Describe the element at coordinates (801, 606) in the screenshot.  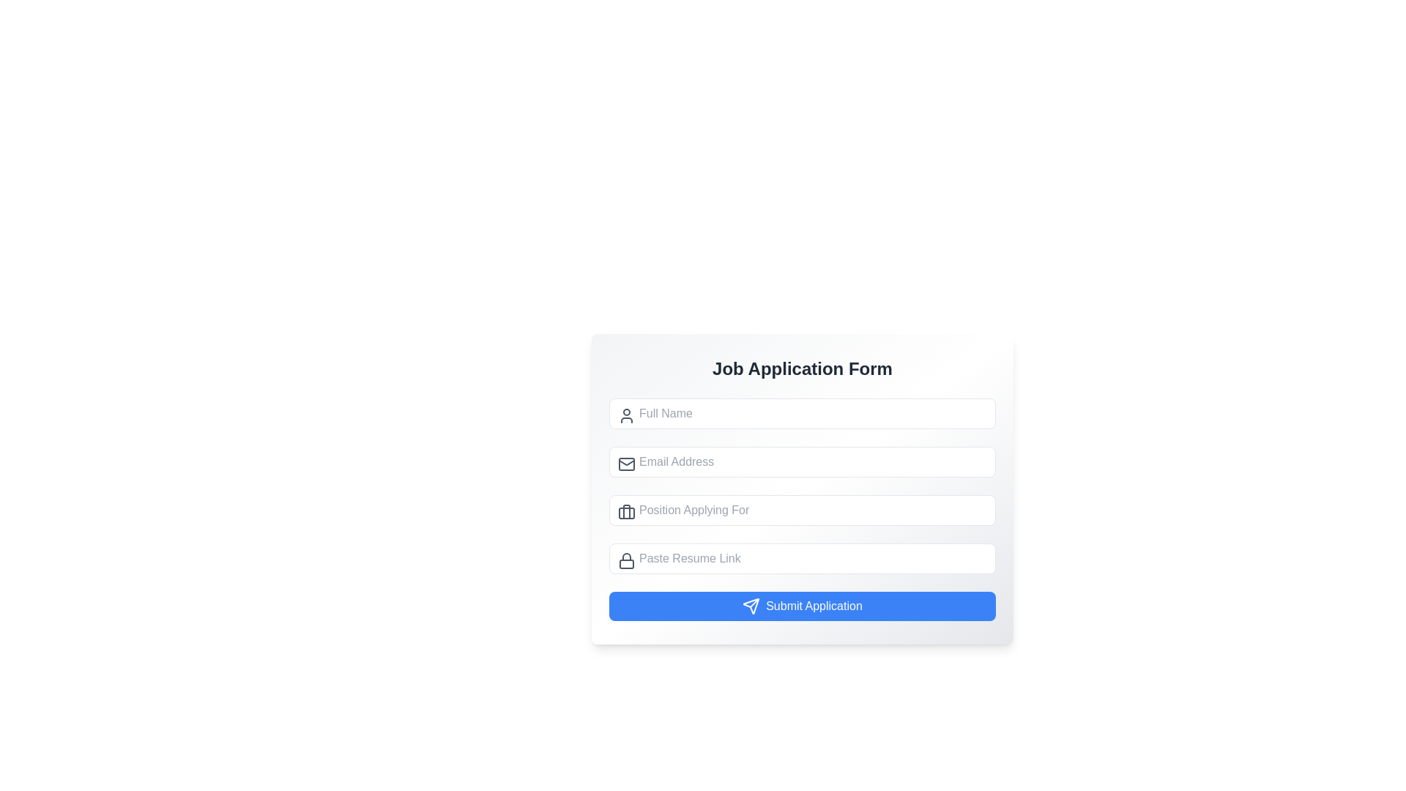
I see `the bright blue 'Submit Application' button with an upward arrow icon at the bottom of the Job Application Form` at that location.